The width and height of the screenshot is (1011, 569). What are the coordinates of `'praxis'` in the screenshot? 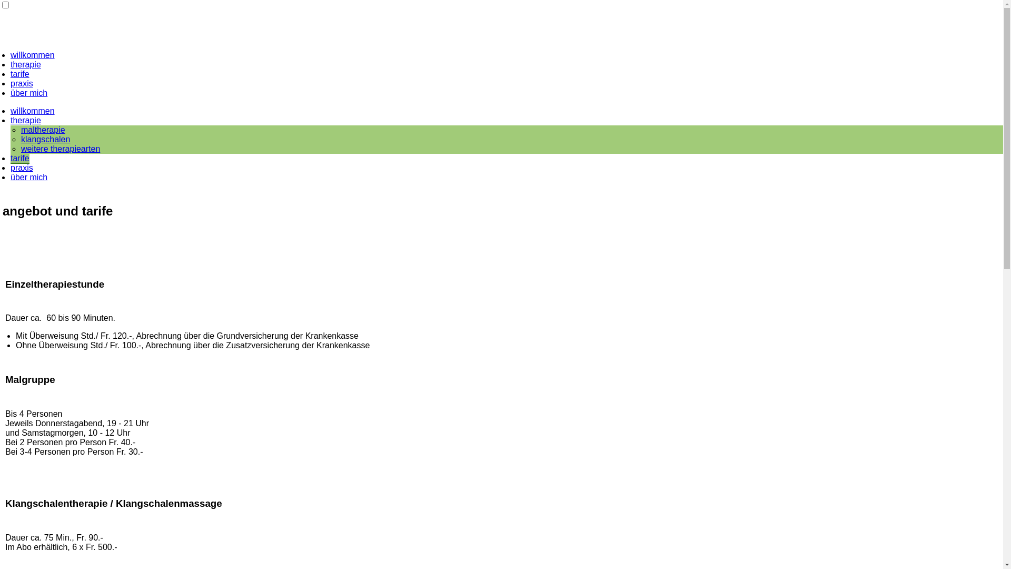 It's located at (22, 167).